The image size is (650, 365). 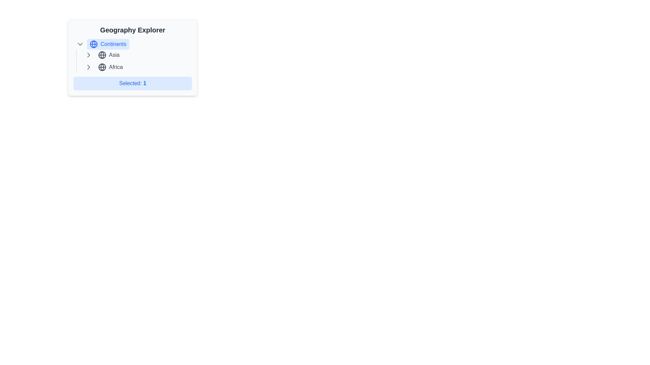 What do you see at coordinates (102, 67) in the screenshot?
I see `the globe icon located to the left of the text 'Africa' in the sidebar menu` at bounding box center [102, 67].